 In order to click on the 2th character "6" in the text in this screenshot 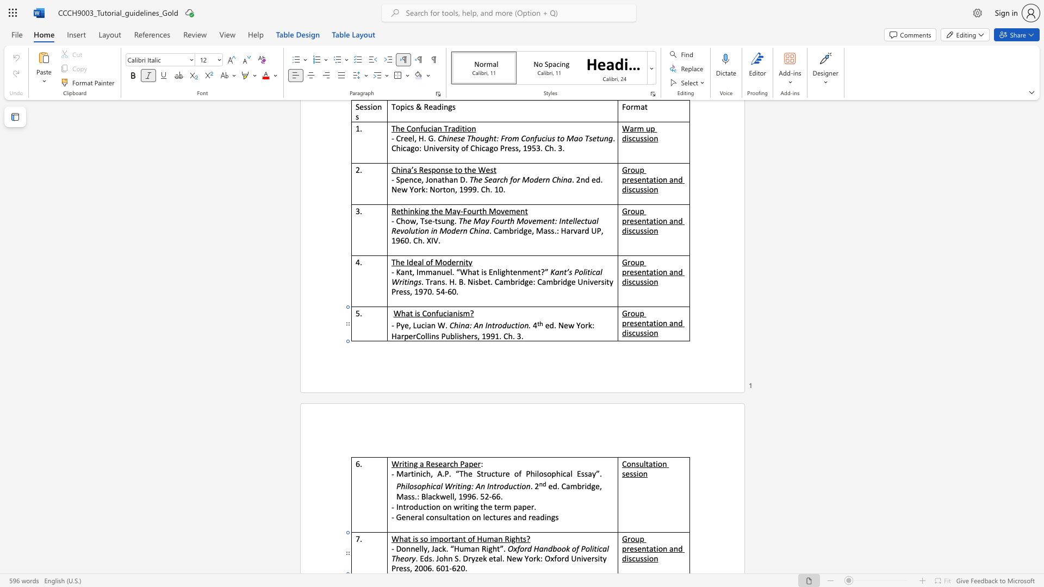, I will do `click(438, 567)`.